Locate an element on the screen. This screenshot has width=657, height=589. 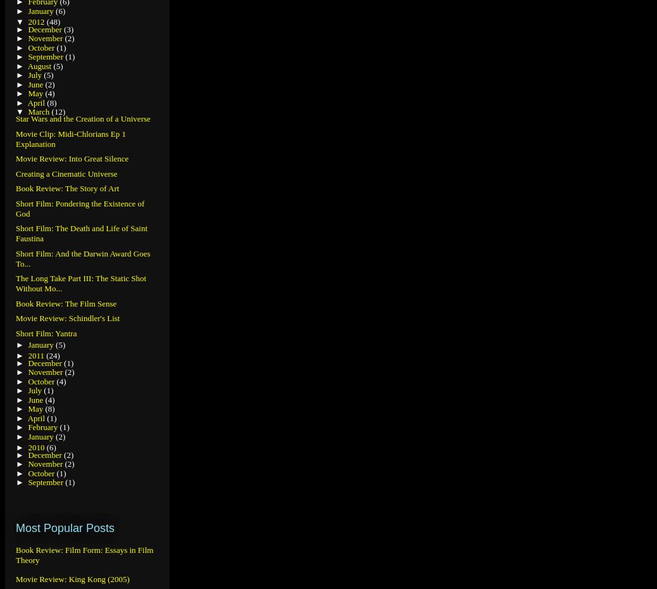
'Short Film: Pondering the Existence of God' is located at coordinates (79, 207).